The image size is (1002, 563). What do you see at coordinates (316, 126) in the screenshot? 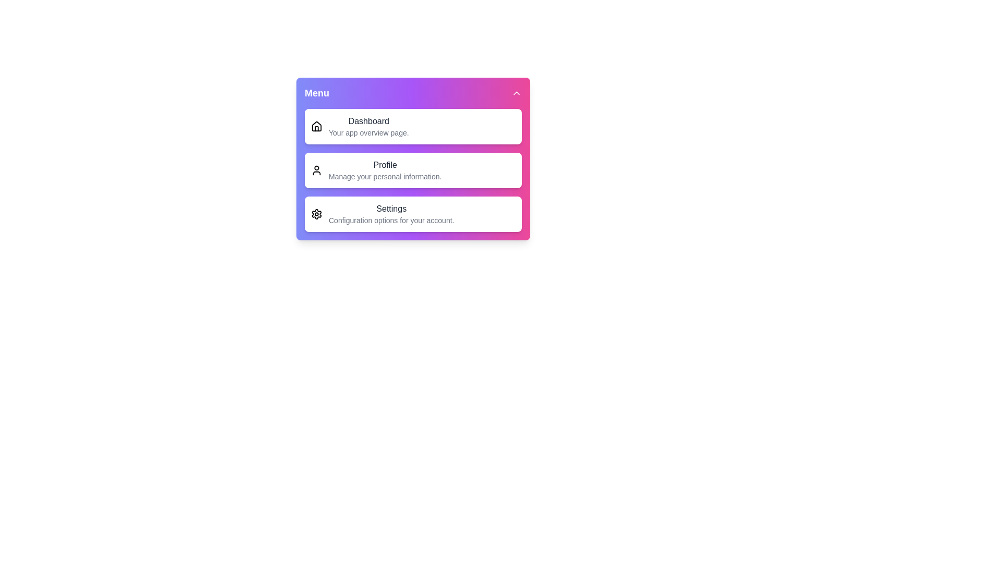
I see `the icon of the Dashboard menu item` at bounding box center [316, 126].